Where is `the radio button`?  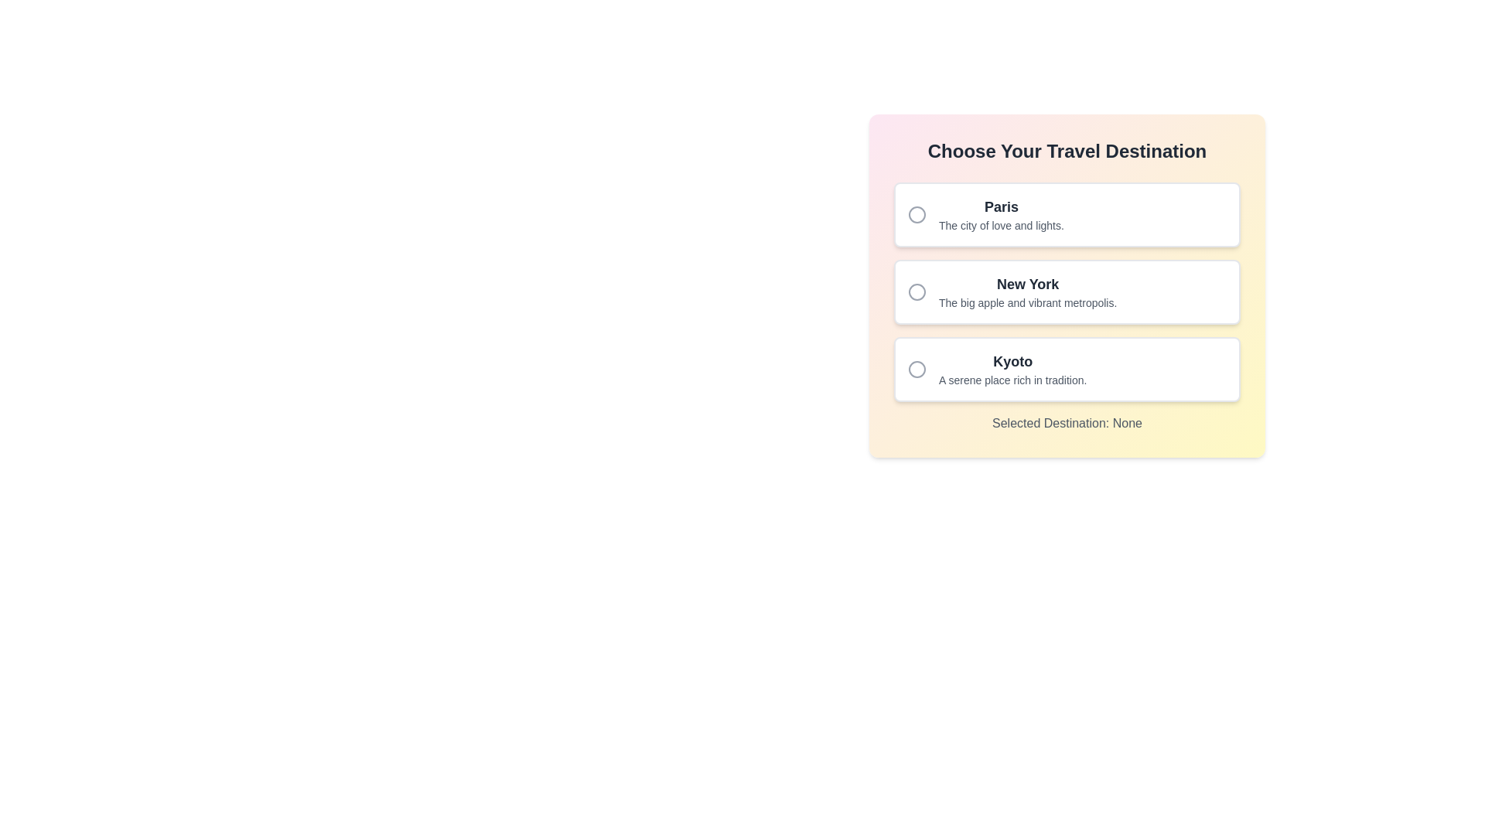
the radio button is located at coordinates (917, 370).